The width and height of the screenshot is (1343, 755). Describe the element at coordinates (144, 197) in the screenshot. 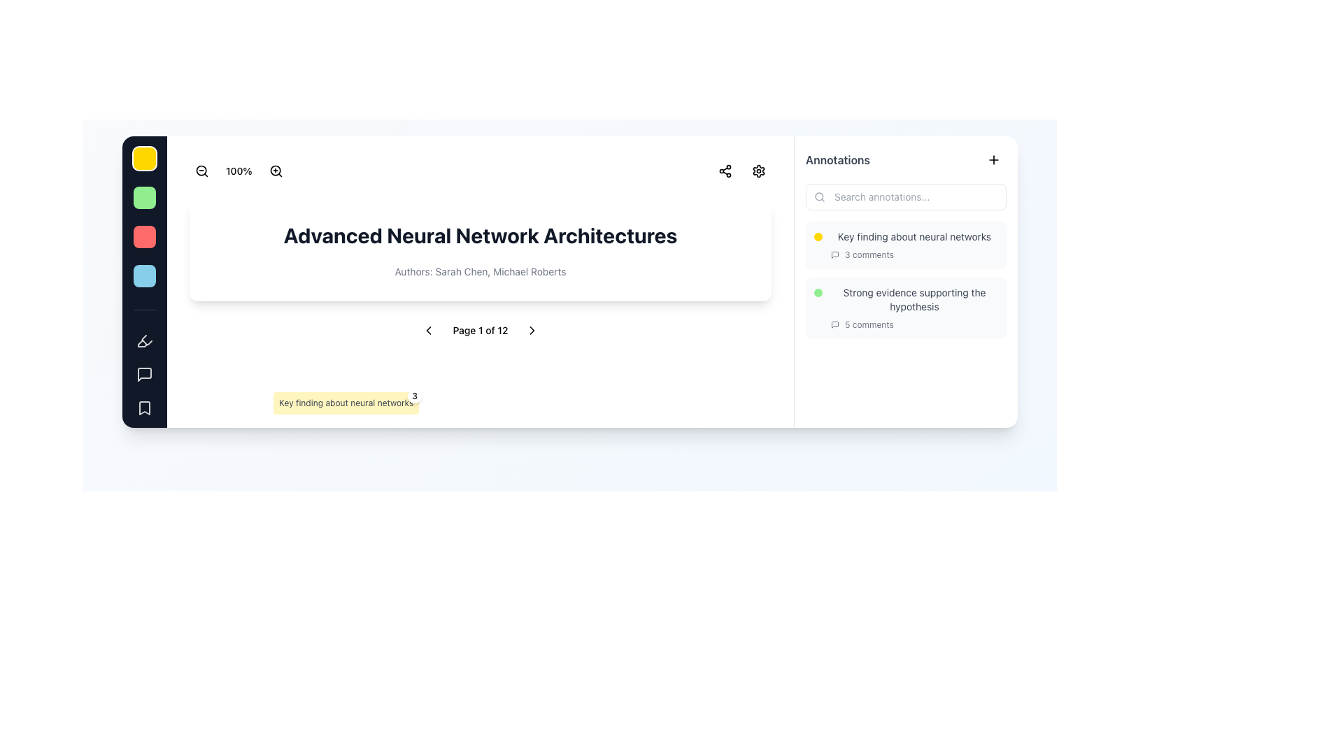

I see `the green circular button located below the yellow 'Important' button and above the red 'Disagree' button on the left sidebar to register agreement` at that location.